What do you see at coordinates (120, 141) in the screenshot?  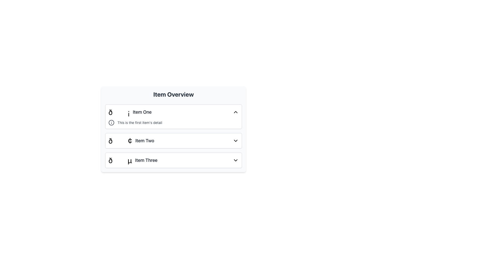 I see `the Icon or Symbol representing 'Item Two' to highlight it` at bounding box center [120, 141].